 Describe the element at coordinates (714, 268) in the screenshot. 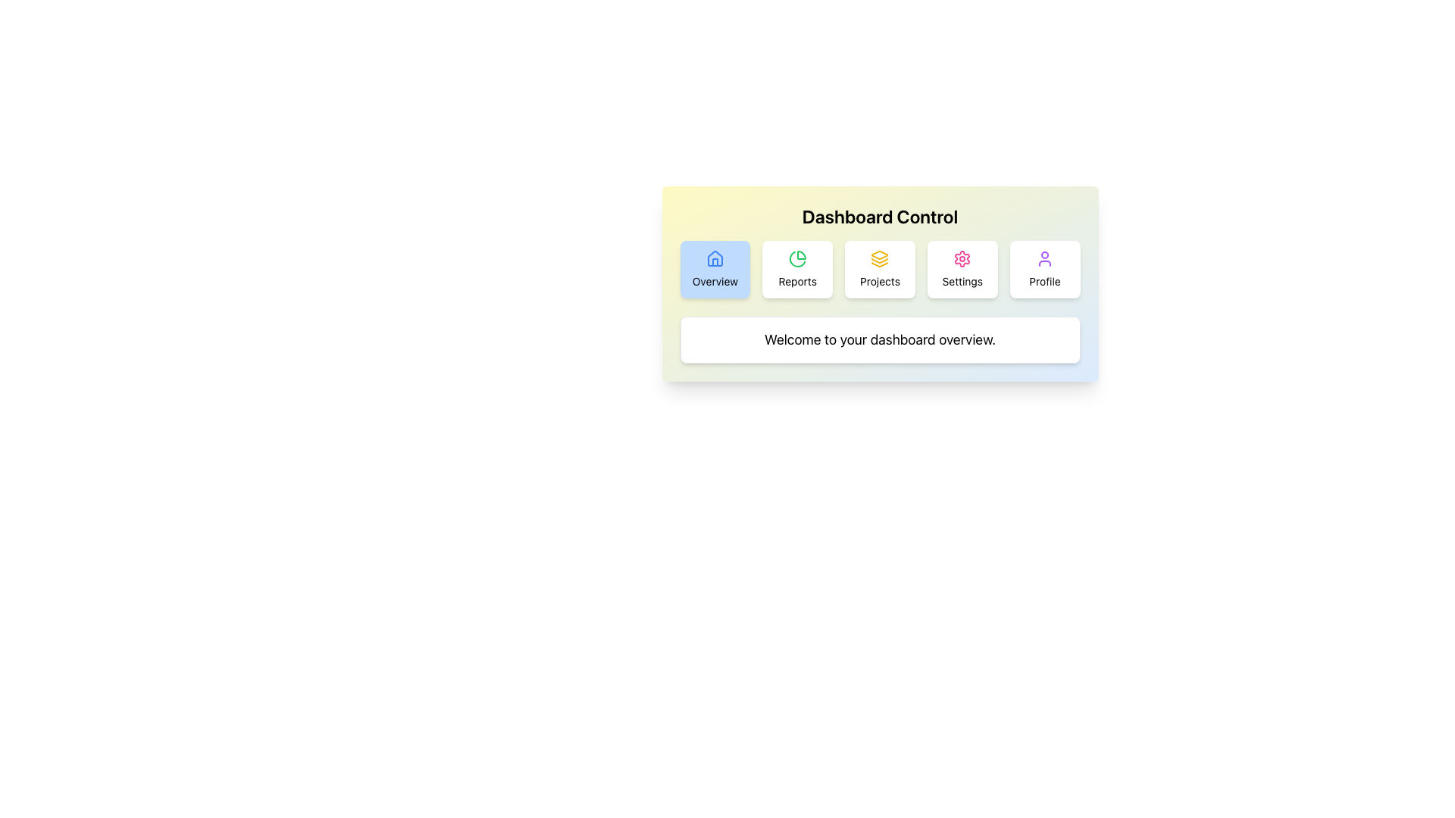

I see `the leftmost navigation button that directs users to the 'Overview' section of the application` at that location.